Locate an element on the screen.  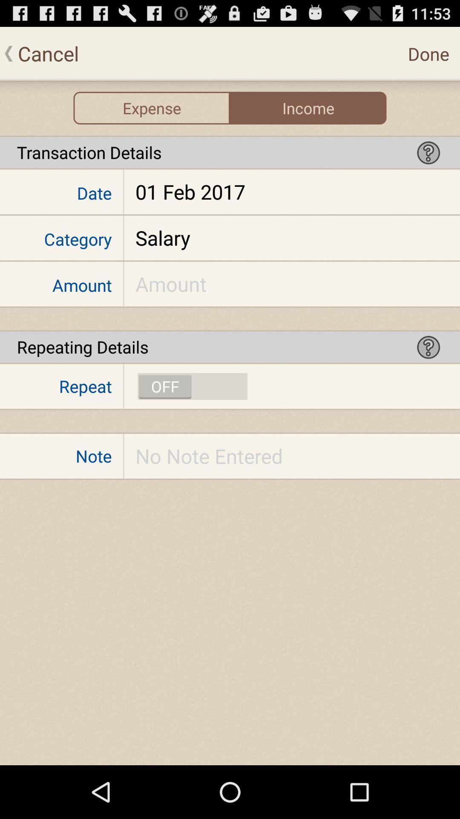
repeat transaction option is located at coordinates (193, 386).